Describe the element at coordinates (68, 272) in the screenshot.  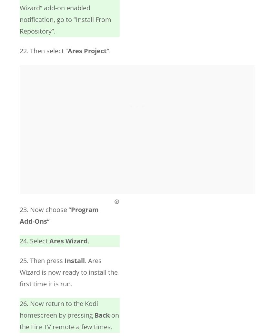
I see `'. Ares Wizard is now ready to install the first time it is run.'` at that location.